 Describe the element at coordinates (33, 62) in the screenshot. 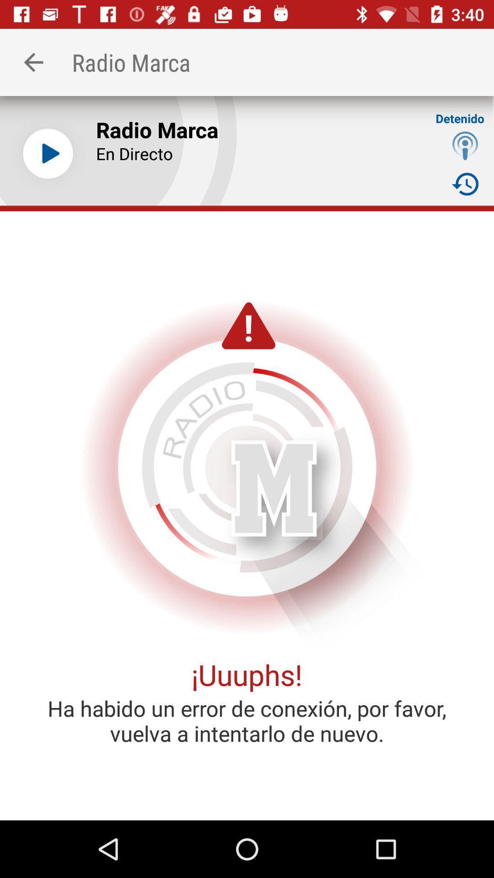

I see `the app next to the radio marca` at that location.